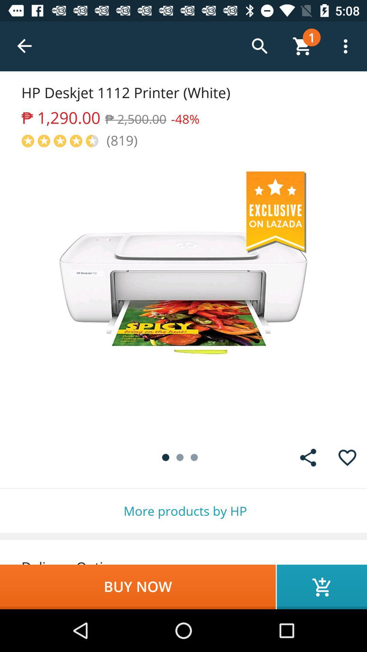  I want to click on share the item, so click(308, 457).